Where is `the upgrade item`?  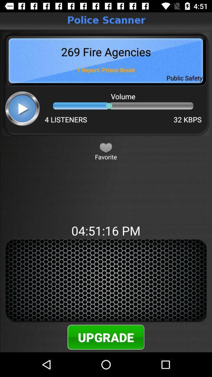
the upgrade item is located at coordinates (106, 337).